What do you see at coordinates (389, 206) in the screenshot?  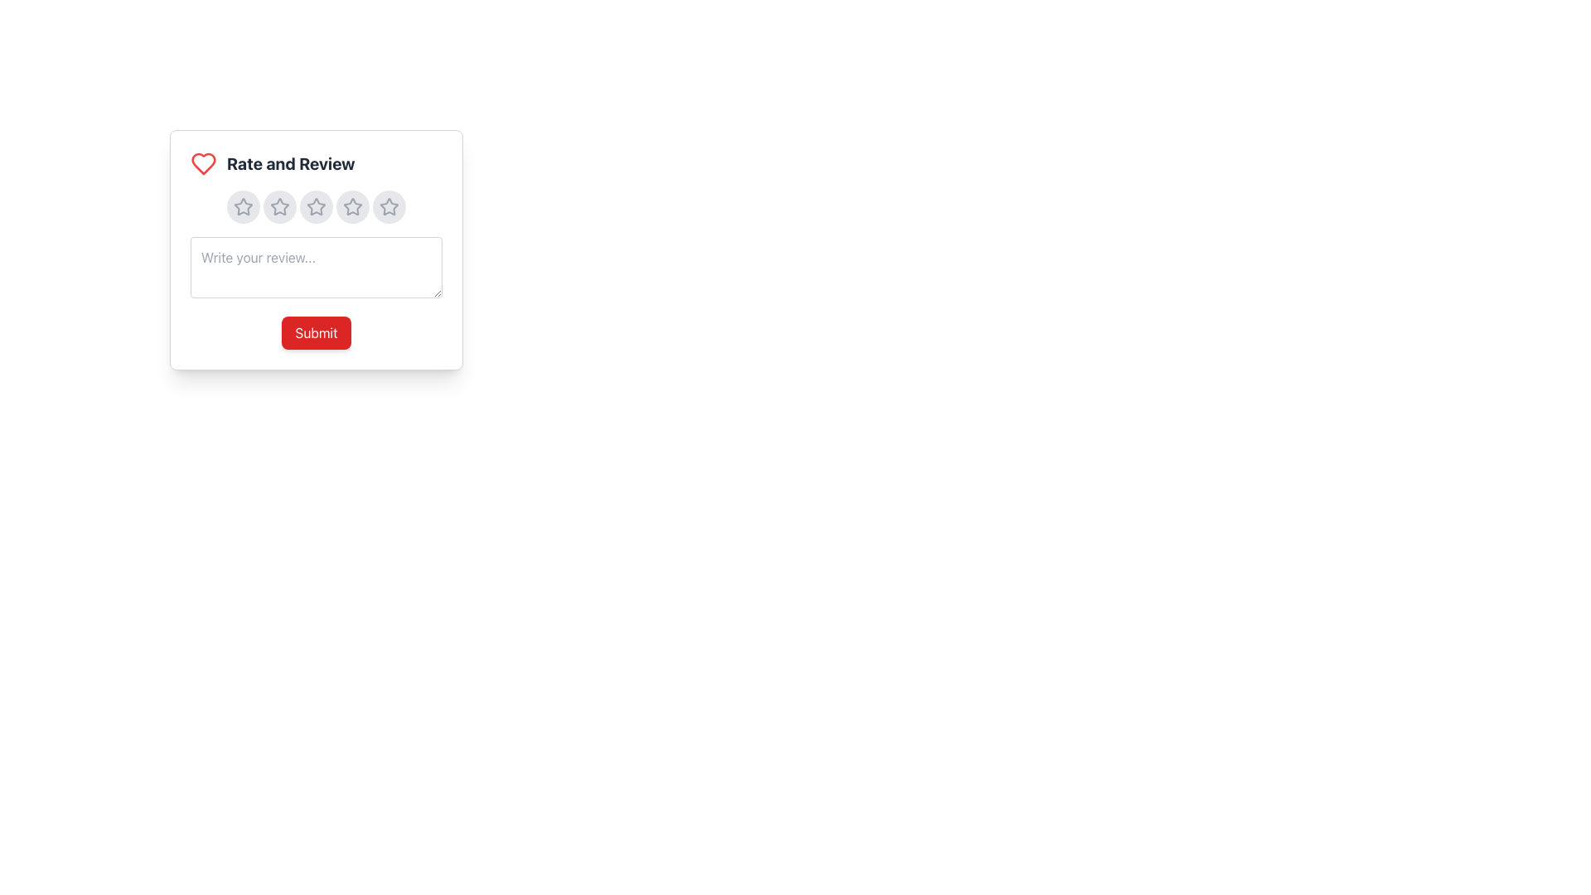 I see `the last rating star in the horizontal array` at bounding box center [389, 206].